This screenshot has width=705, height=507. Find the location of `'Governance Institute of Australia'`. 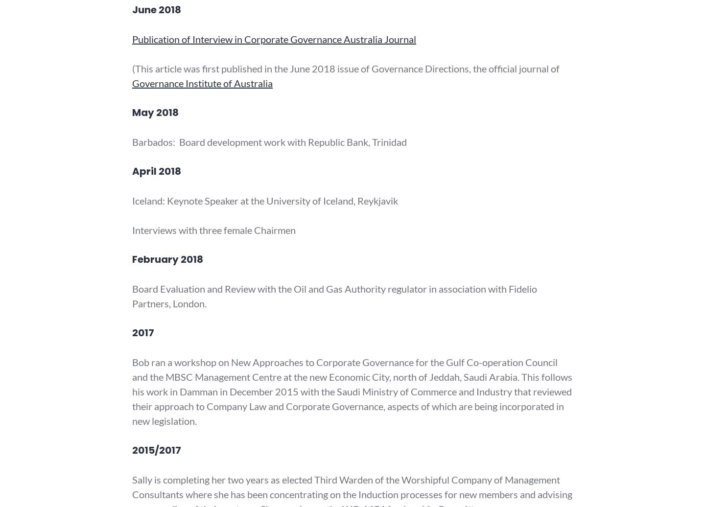

'Governance Institute of Australia' is located at coordinates (132, 83).